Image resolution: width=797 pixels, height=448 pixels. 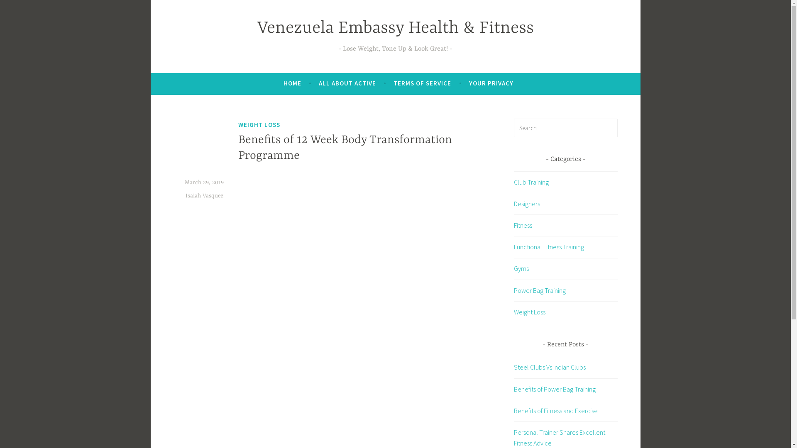 What do you see at coordinates (540, 290) in the screenshot?
I see `'Power Bag Training'` at bounding box center [540, 290].